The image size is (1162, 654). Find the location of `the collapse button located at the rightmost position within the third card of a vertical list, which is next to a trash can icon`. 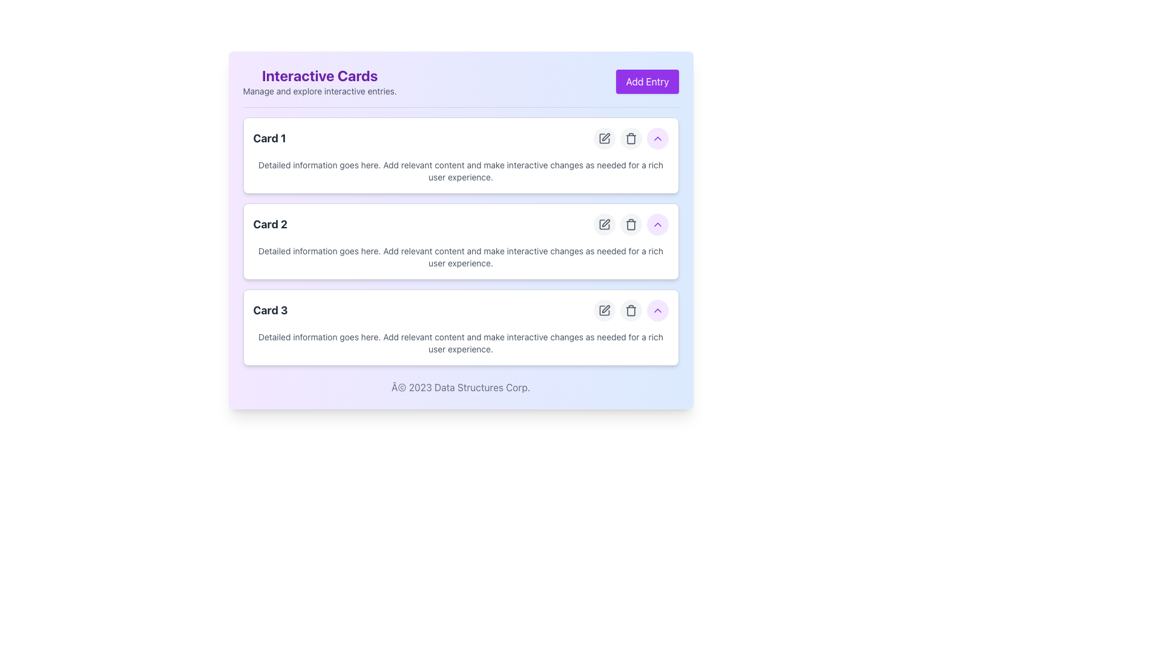

the collapse button located at the rightmost position within the third card of a vertical list, which is next to a trash can icon is located at coordinates (657, 310).